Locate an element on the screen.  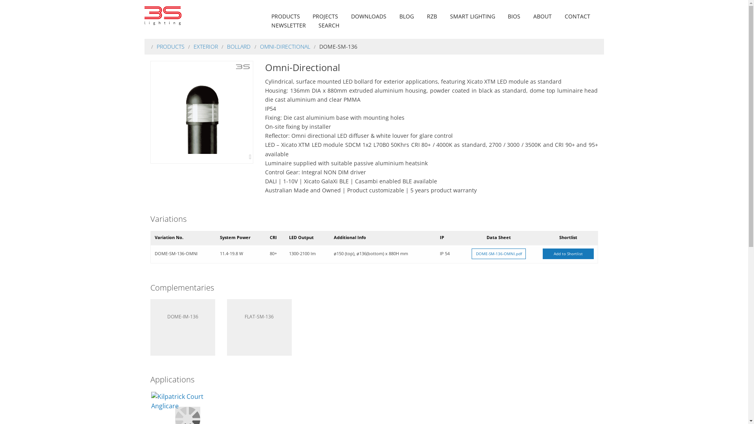
'BOLLARD' is located at coordinates (238, 46).